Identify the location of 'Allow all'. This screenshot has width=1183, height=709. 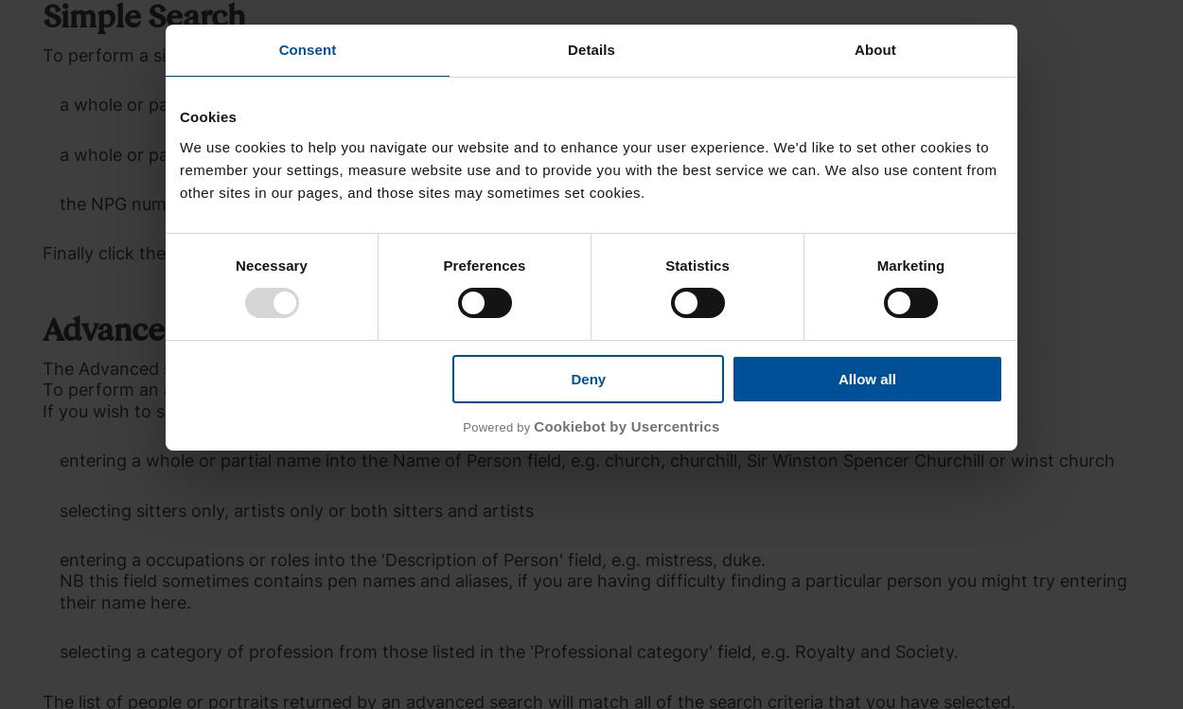
(867, 377).